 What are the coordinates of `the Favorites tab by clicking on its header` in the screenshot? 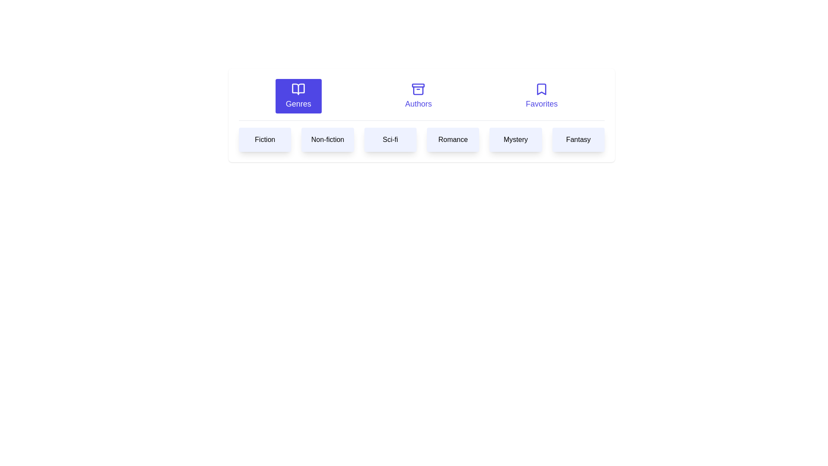 It's located at (541, 96).